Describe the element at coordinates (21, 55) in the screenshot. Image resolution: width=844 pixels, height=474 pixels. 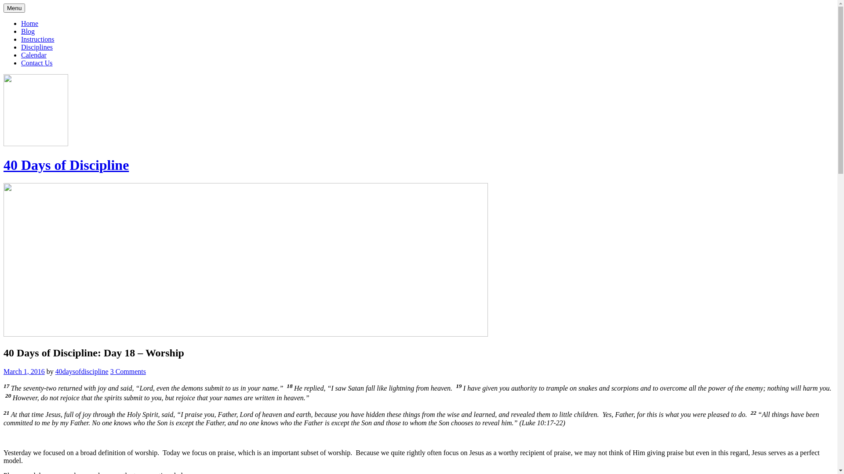
I see `'Calendar'` at that location.